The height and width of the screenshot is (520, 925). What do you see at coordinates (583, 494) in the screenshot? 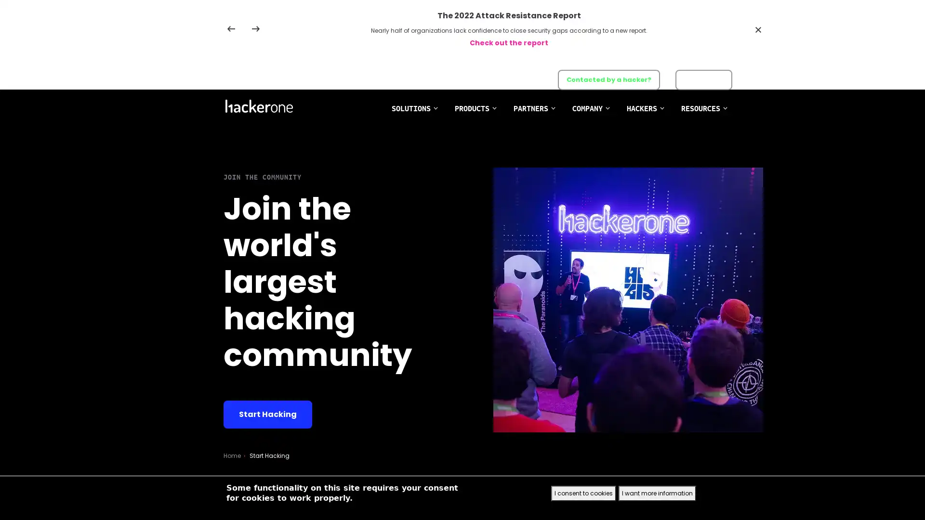
I see `I consent to cookies` at bounding box center [583, 494].